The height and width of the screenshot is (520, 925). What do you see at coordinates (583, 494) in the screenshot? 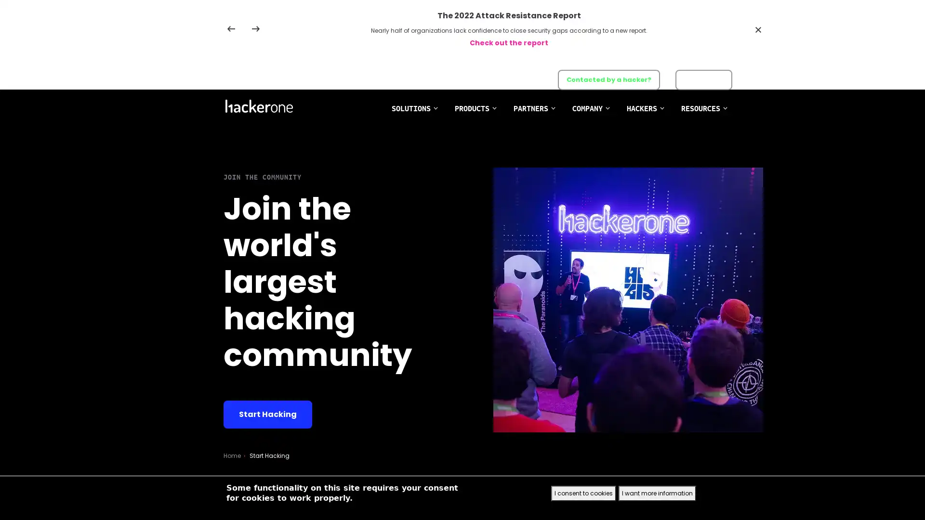
I see `I consent to cookies` at bounding box center [583, 494].